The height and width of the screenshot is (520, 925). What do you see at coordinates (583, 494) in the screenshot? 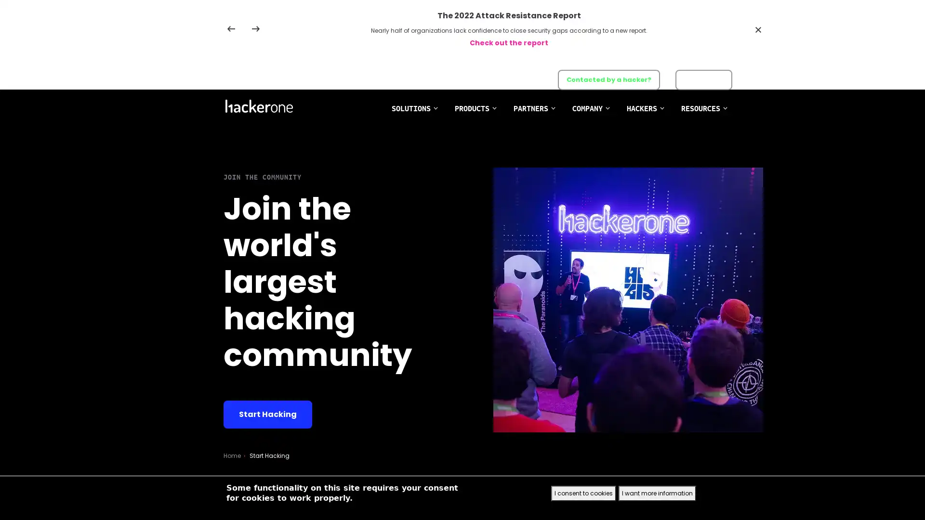
I see `I consent to cookies` at bounding box center [583, 494].